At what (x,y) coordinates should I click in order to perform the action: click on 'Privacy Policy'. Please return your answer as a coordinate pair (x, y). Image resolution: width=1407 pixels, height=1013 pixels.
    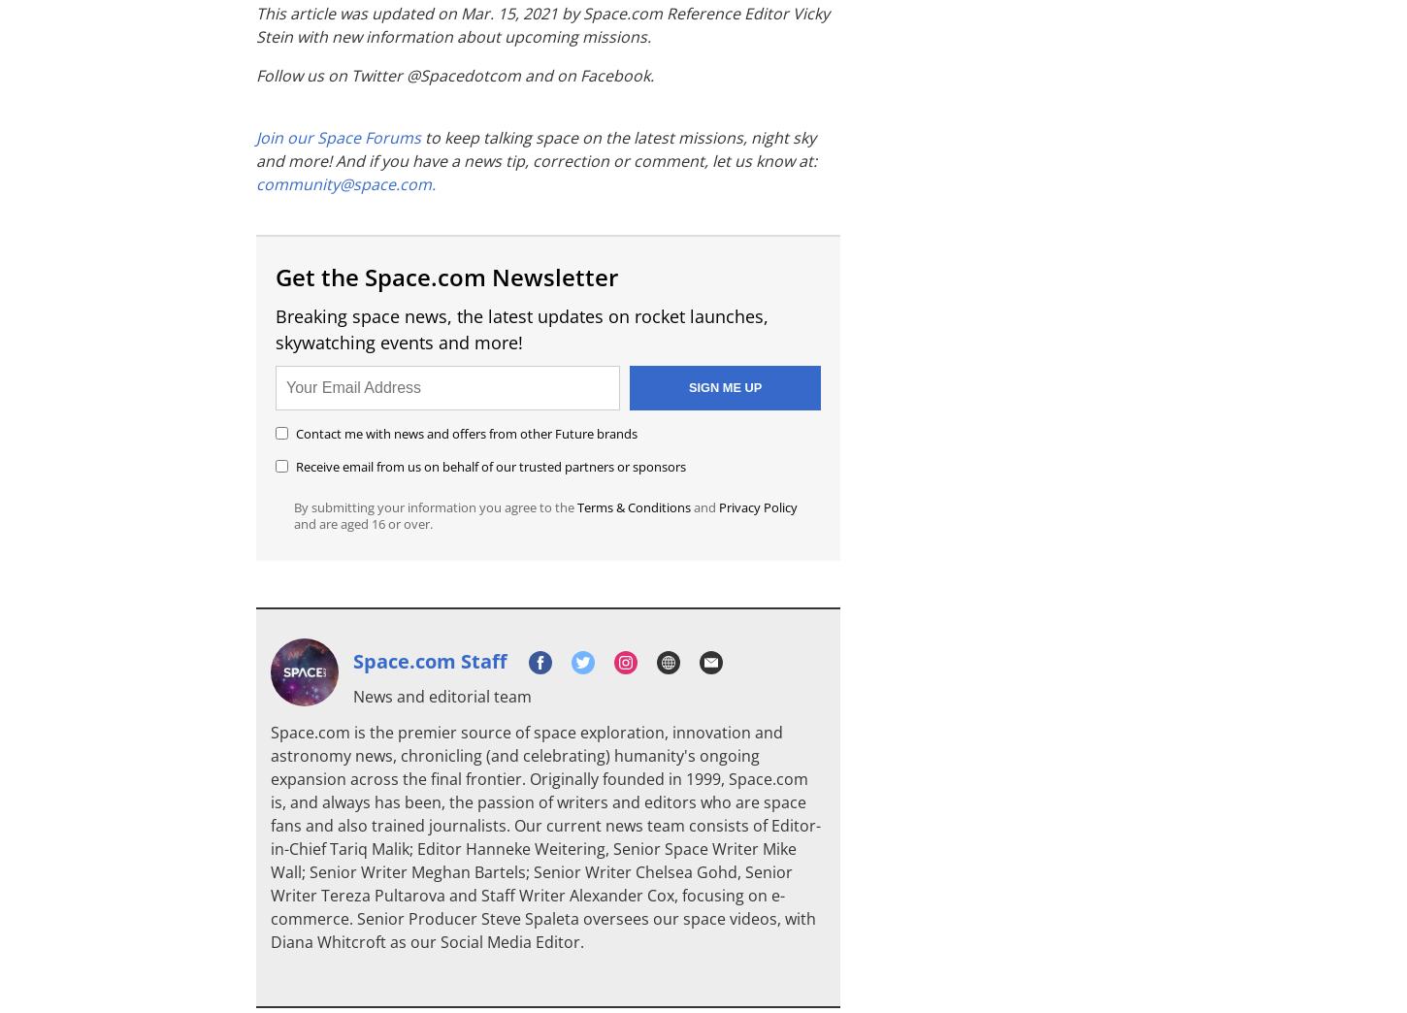
    Looking at the image, I should click on (718, 506).